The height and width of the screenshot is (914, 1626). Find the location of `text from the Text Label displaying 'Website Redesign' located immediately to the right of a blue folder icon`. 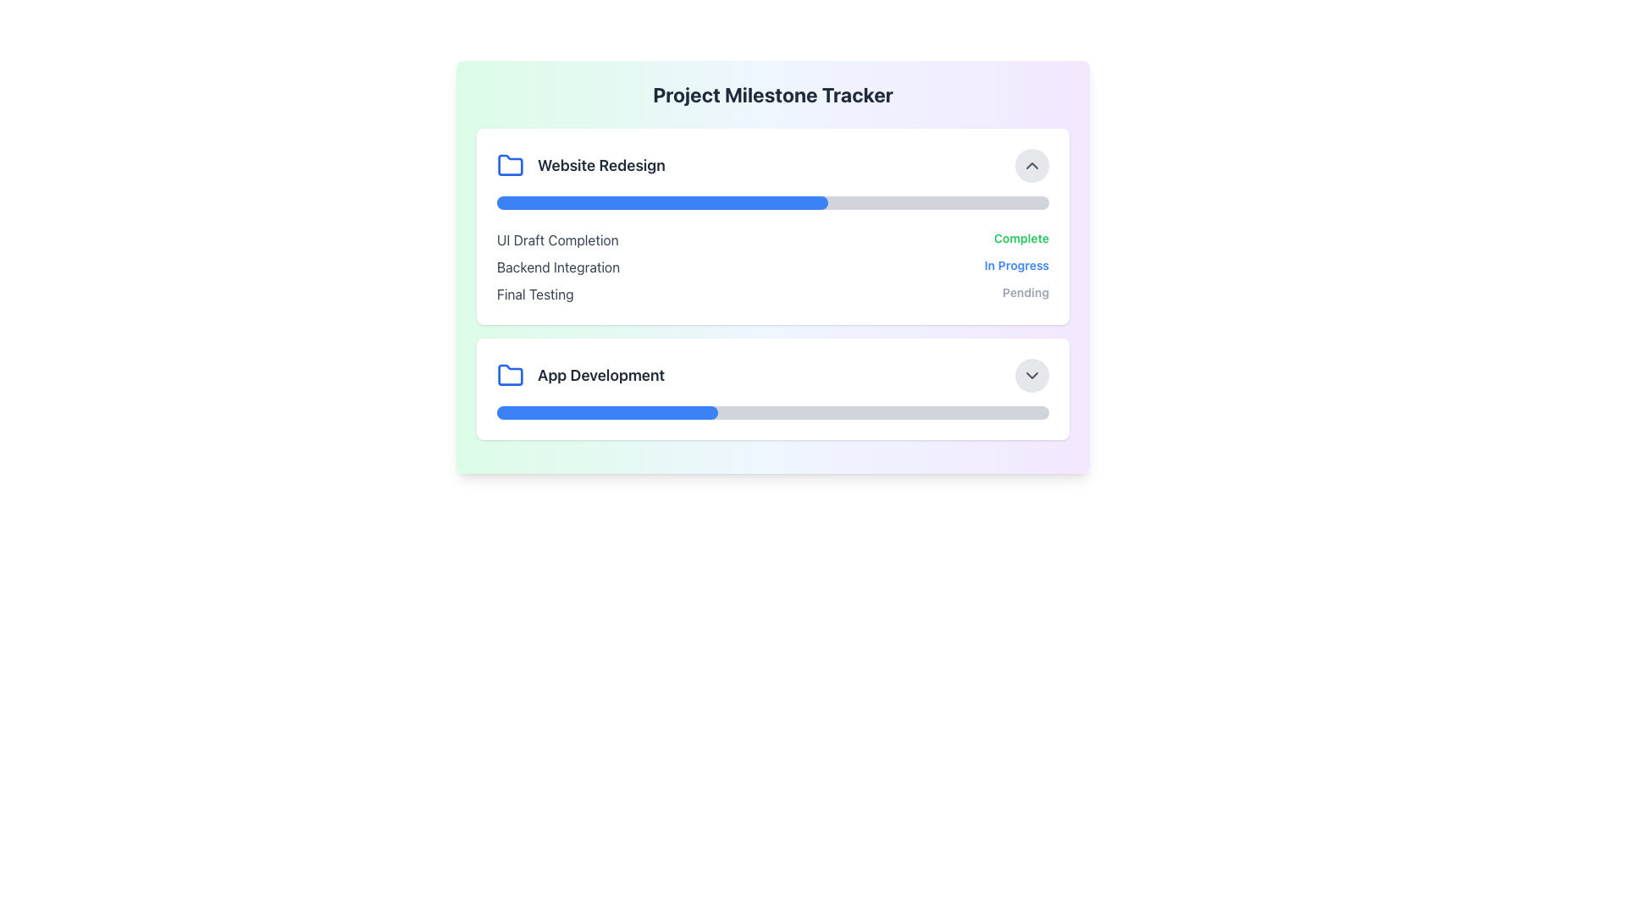

text from the Text Label displaying 'Website Redesign' located immediately to the right of a blue folder icon is located at coordinates (601, 166).